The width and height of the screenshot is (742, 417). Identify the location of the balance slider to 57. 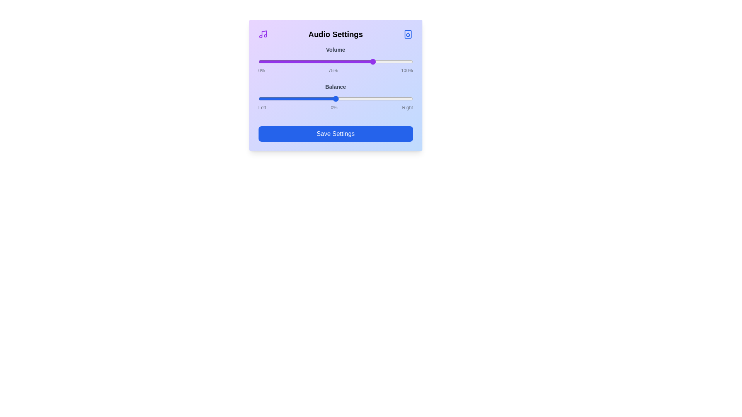
(380, 98).